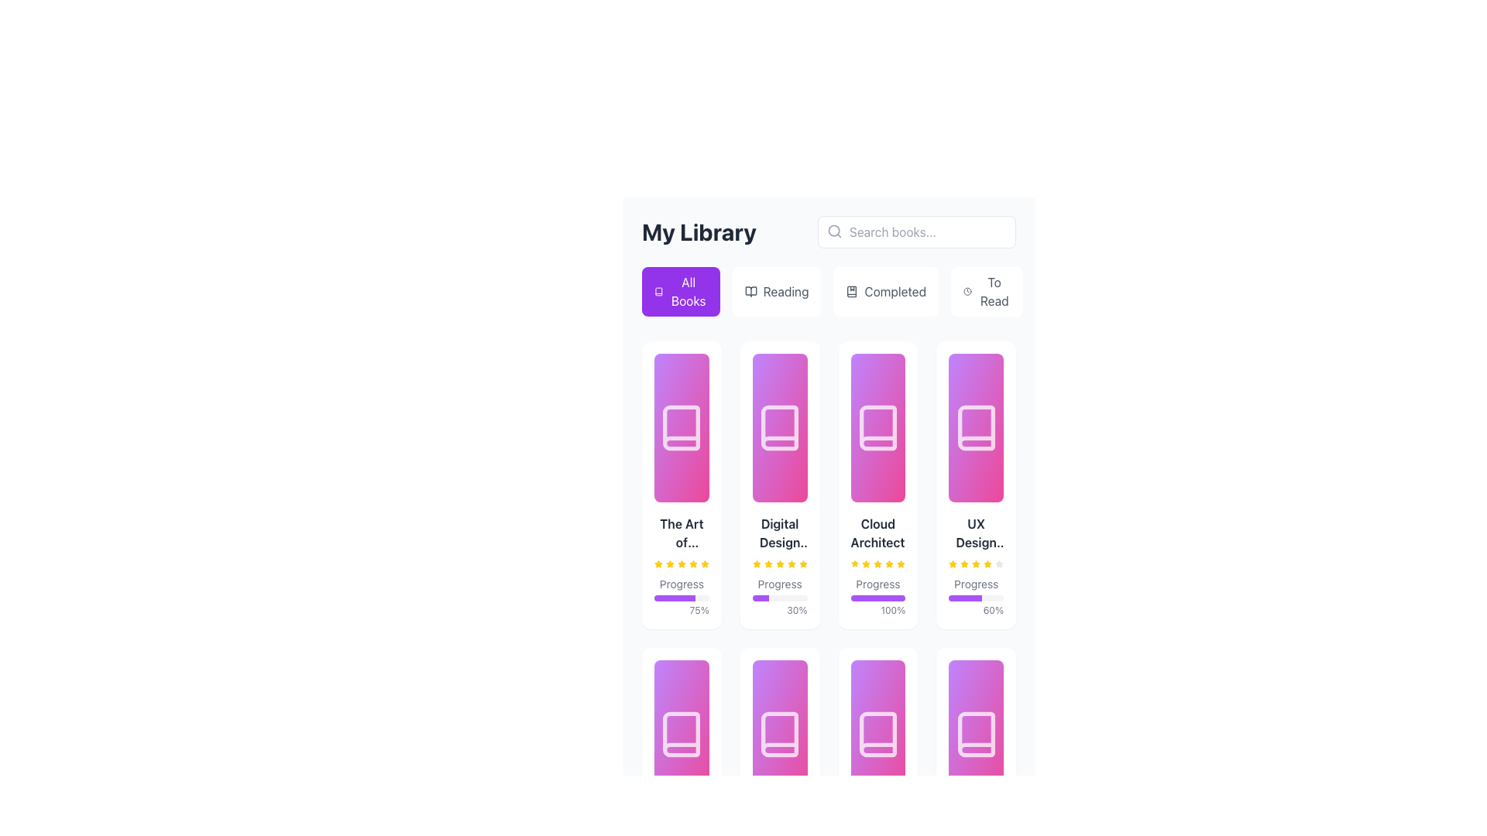  Describe the element at coordinates (682, 596) in the screenshot. I see `the visual state of the Progress Indicator indicating 75% completion, located beneath the rating stars in the 'The Art of Programming' section` at that location.